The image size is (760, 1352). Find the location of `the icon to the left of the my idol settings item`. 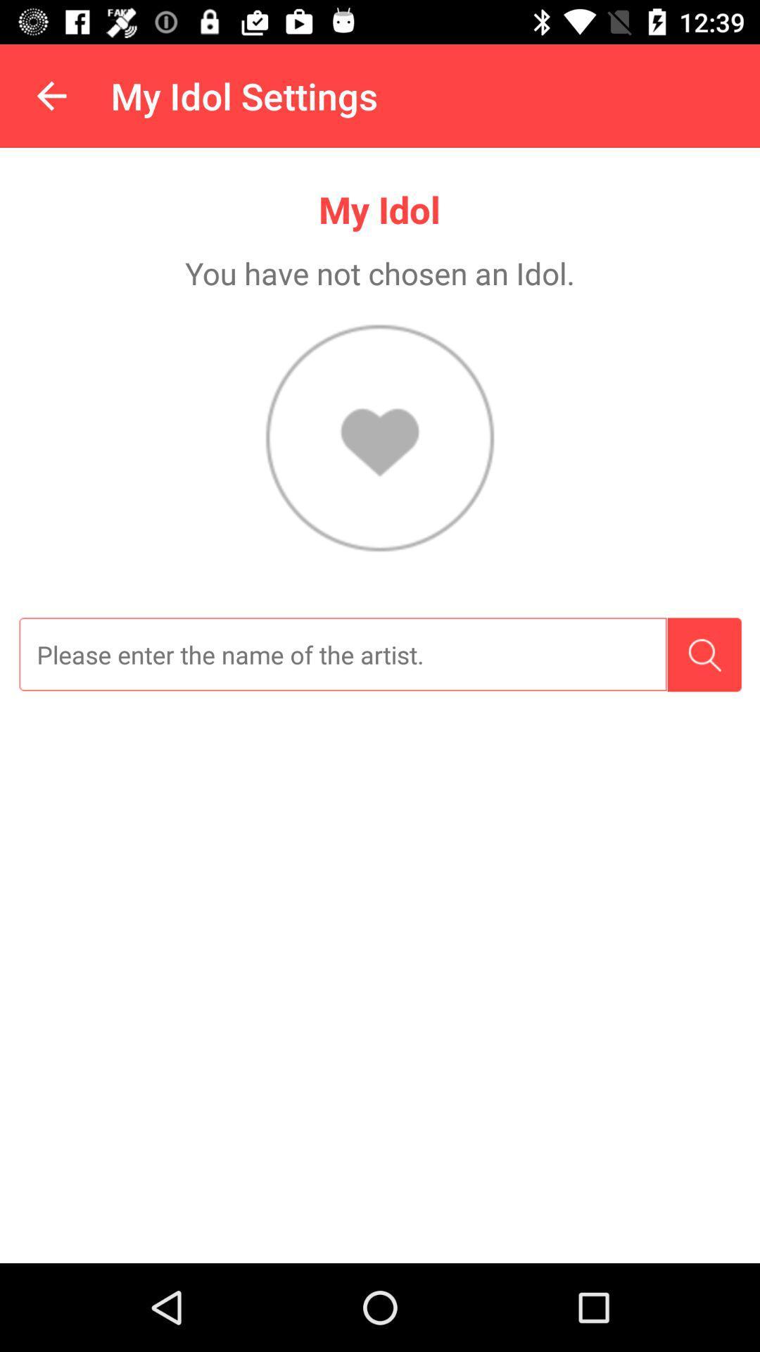

the icon to the left of the my idol settings item is located at coordinates (51, 95).